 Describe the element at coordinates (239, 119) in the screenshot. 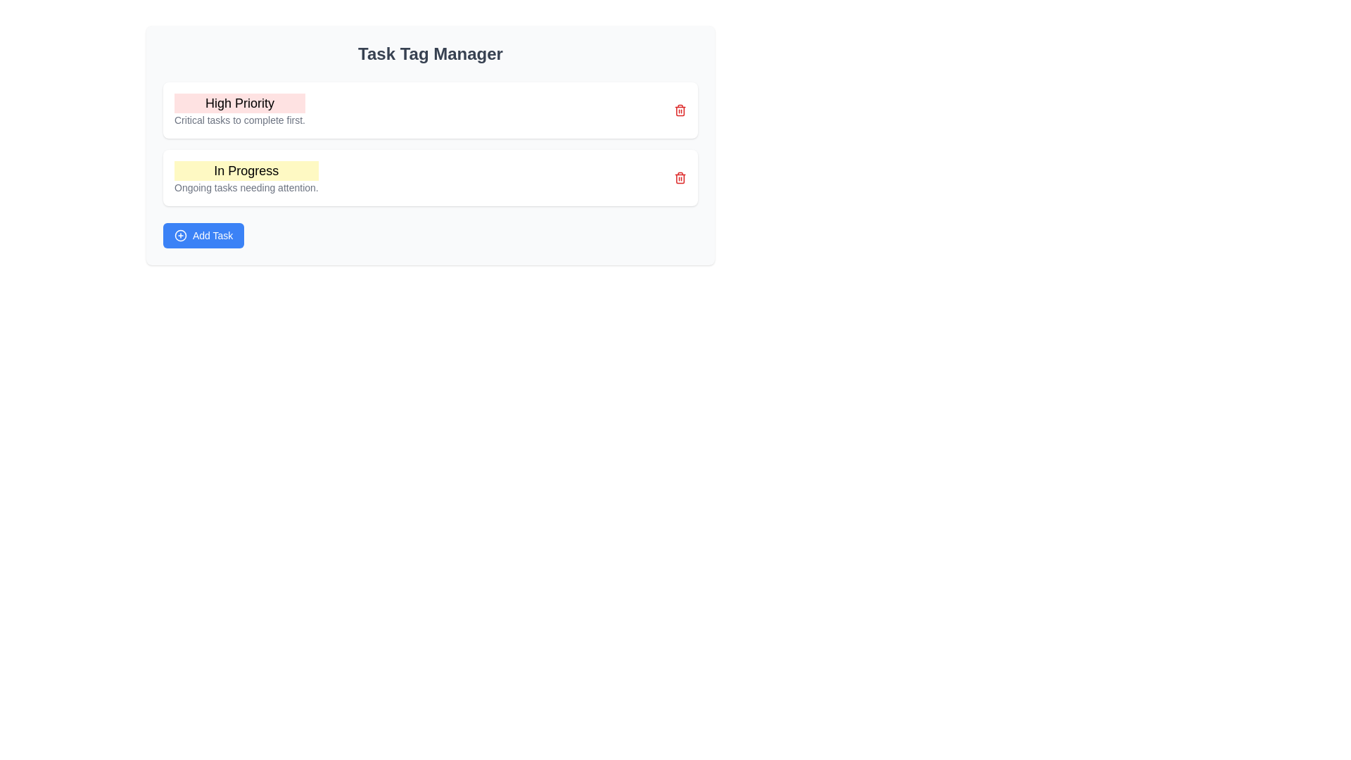

I see `descriptive text label located directly underneath the 'High Priority' label, centered within the card section` at that location.